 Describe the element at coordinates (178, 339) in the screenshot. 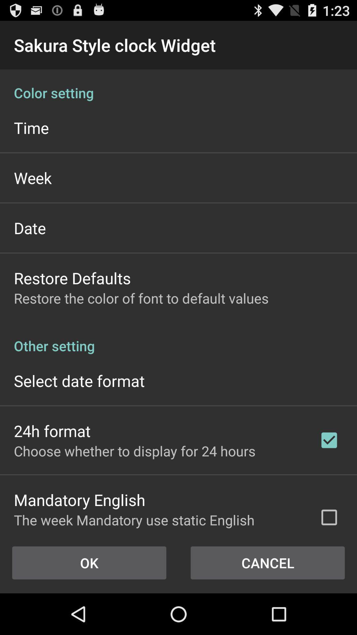

I see `the item below the restore the color app` at that location.